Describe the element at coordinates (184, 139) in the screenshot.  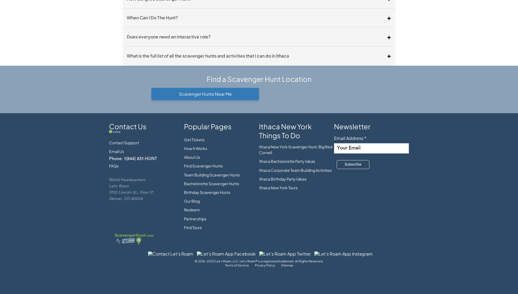
I see `'Get Tickets'` at that location.